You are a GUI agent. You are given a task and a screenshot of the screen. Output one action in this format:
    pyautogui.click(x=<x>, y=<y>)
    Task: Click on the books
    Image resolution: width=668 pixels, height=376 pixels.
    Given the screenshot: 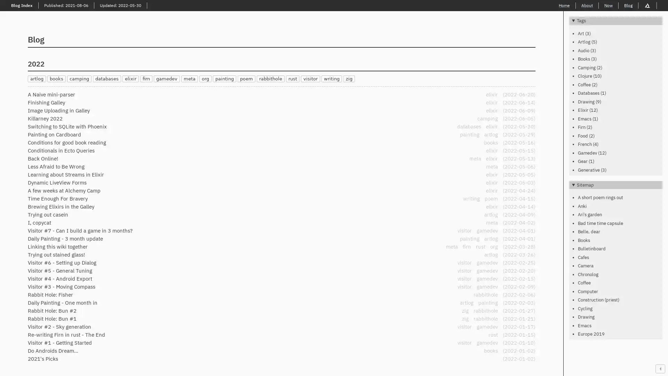 What is the action you would take?
    pyautogui.click(x=56, y=78)
    